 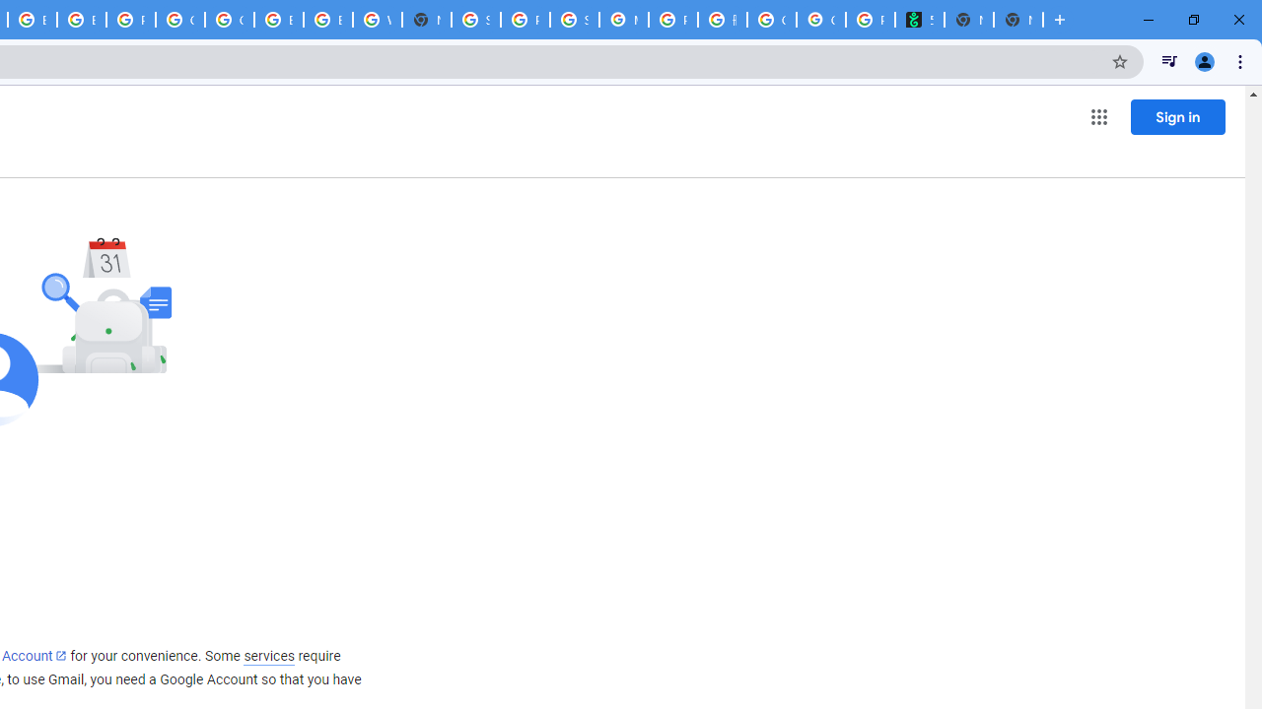 I want to click on 'Sign in - Google Accounts', so click(x=476, y=20).